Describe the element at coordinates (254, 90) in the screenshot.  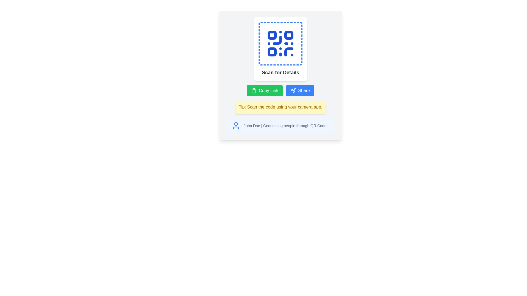
I see `the clipboard icon associated with the 'Copy Link' button, which visually indicates its functionality to copy a link to the clipboard` at that location.